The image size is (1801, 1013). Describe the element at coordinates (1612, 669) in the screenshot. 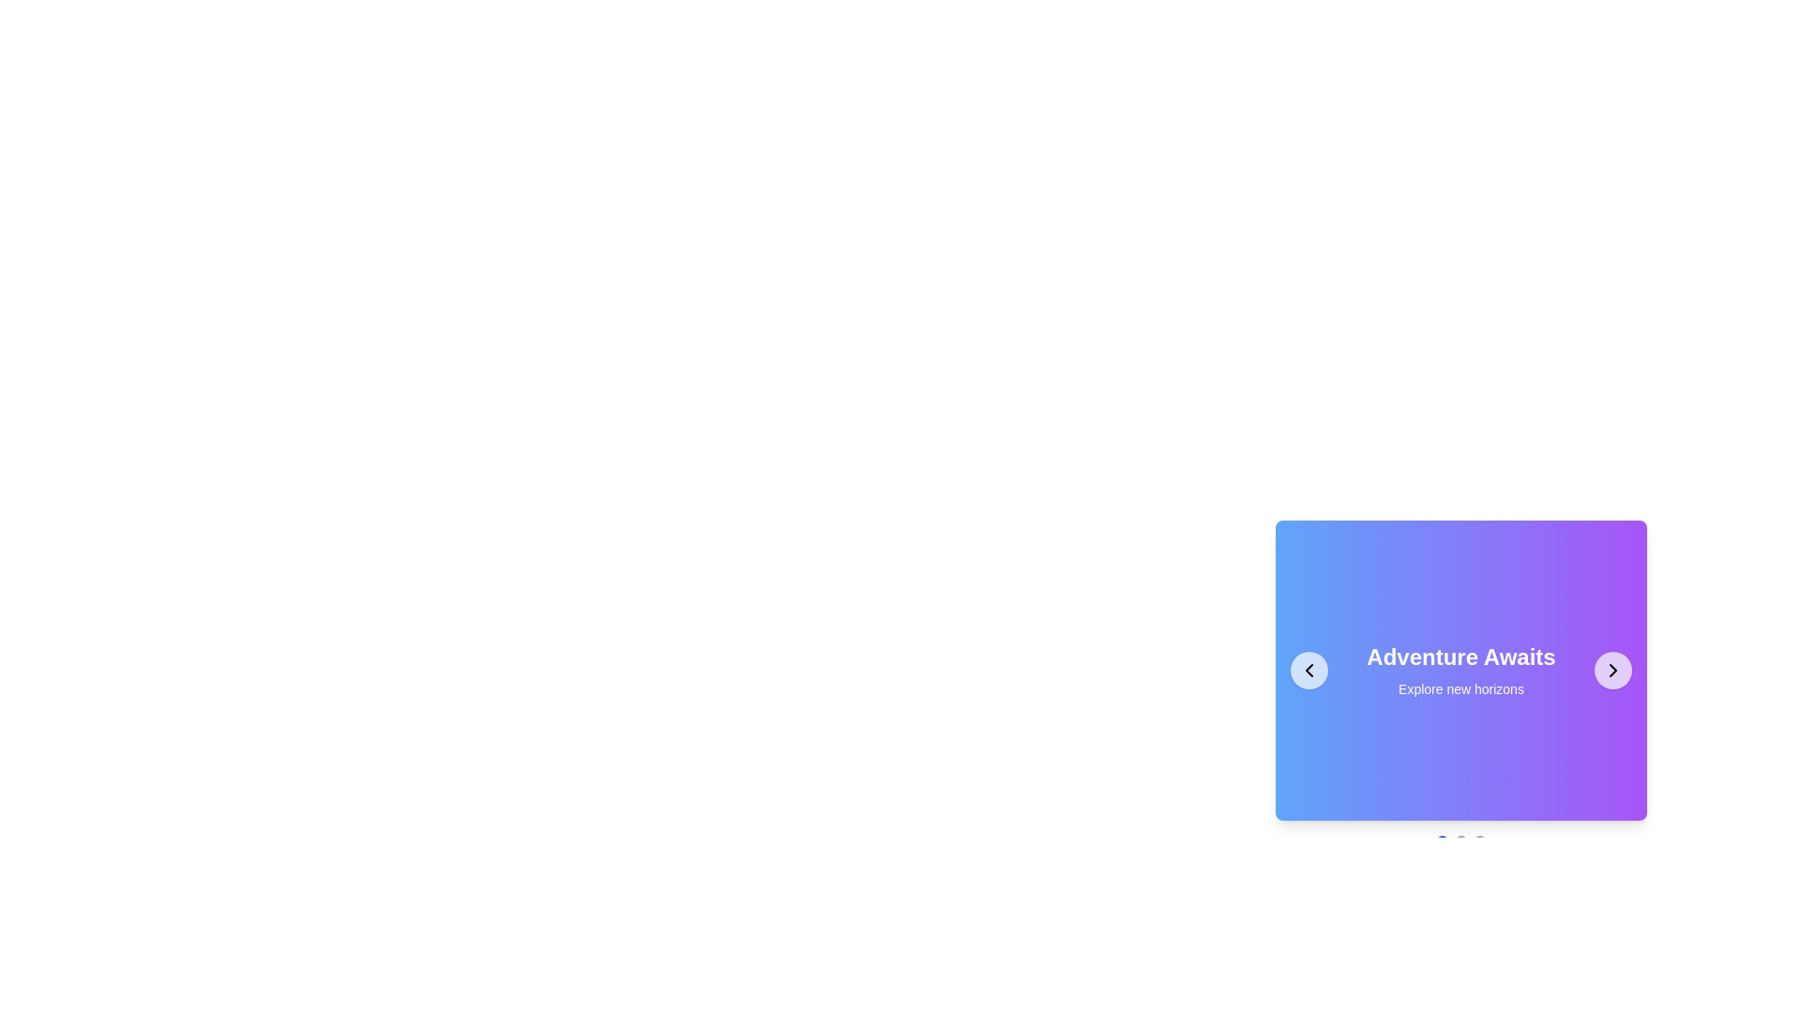

I see `the SVG chevron-right icon located in the bottom-right corner of the card` at that location.